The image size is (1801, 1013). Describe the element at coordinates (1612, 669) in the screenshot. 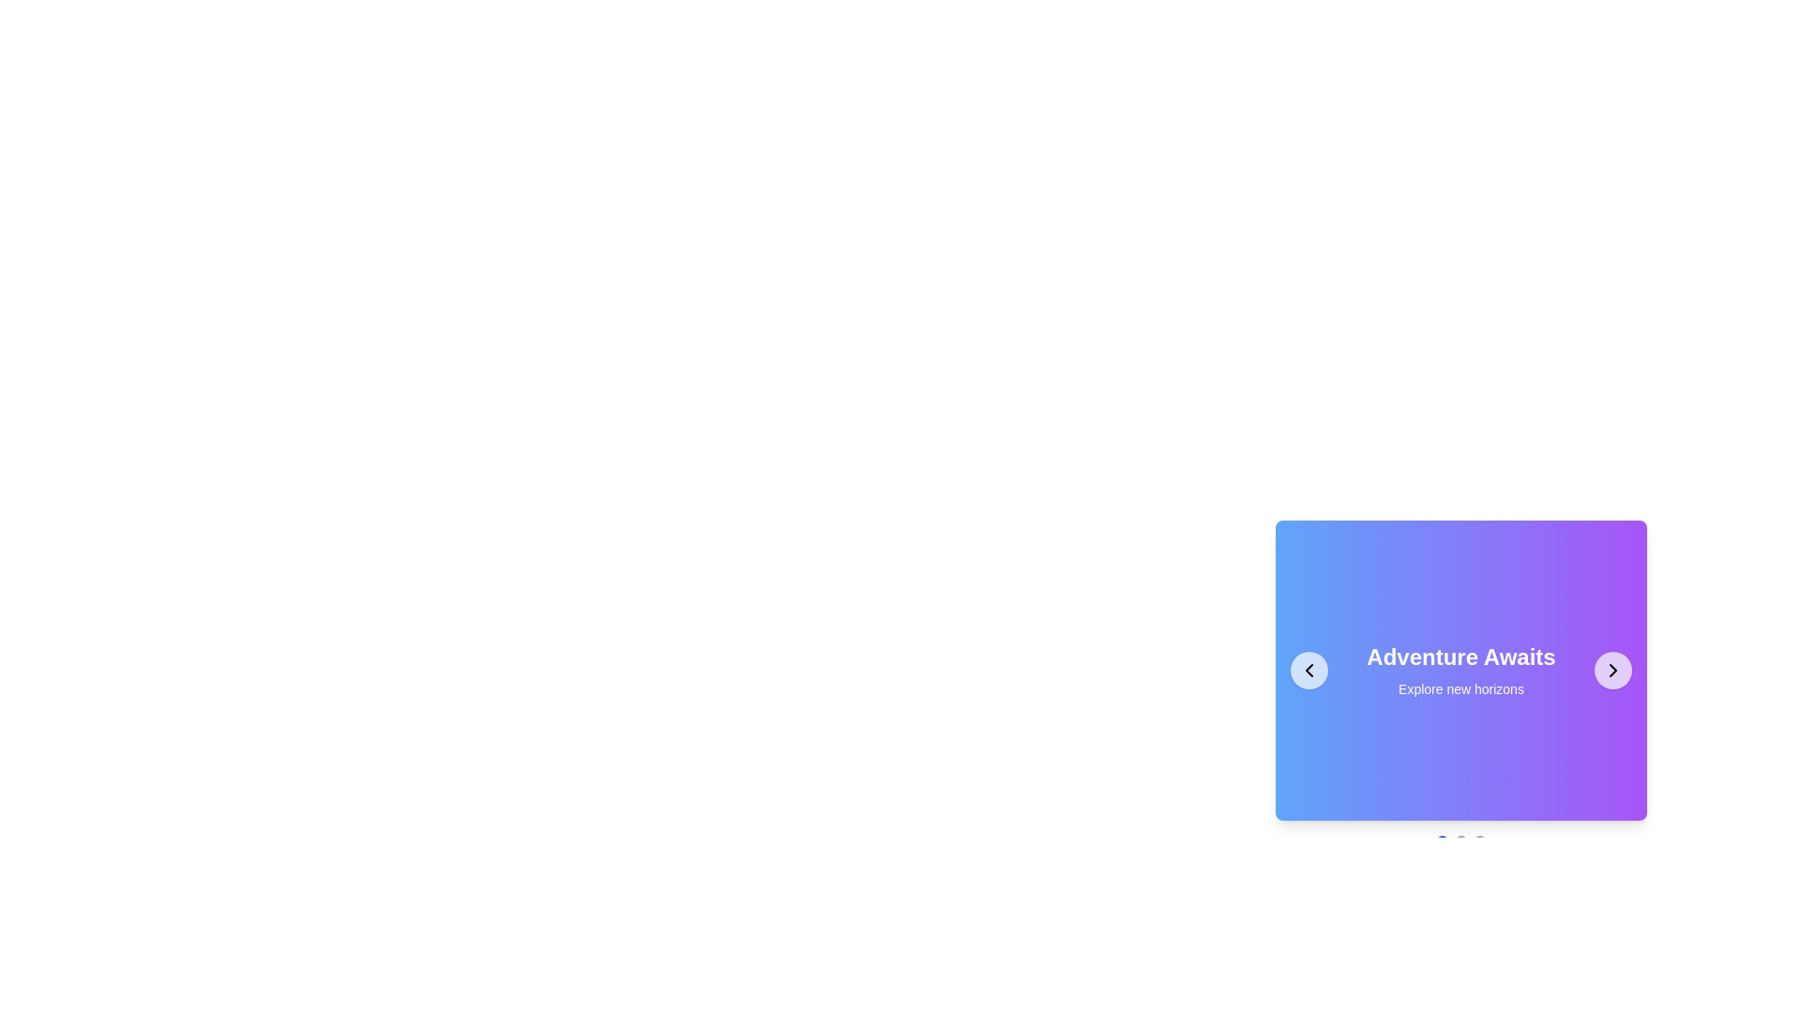

I see `the SVG chevron-right icon located in the bottom-right corner of the card` at that location.